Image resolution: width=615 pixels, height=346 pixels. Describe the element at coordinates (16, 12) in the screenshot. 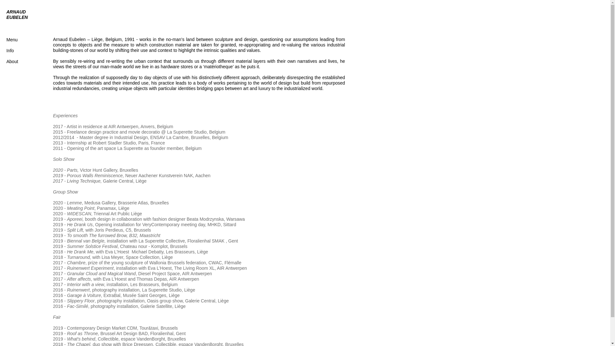

I see `'ARNAUD'` at that location.